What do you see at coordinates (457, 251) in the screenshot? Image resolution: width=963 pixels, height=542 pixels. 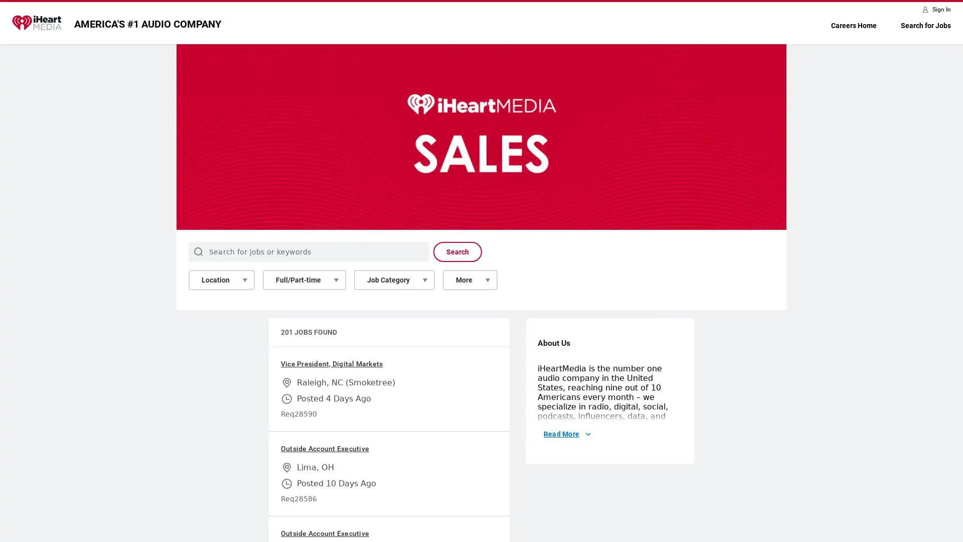 I see `Search` at bounding box center [457, 251].